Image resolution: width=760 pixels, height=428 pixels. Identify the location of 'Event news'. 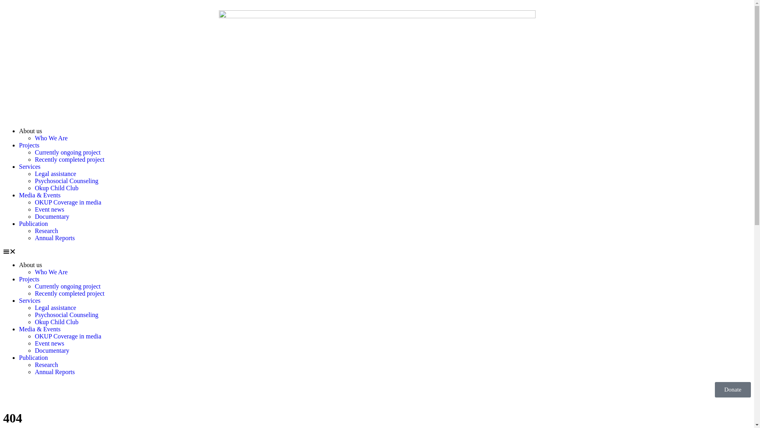
(49, 343).